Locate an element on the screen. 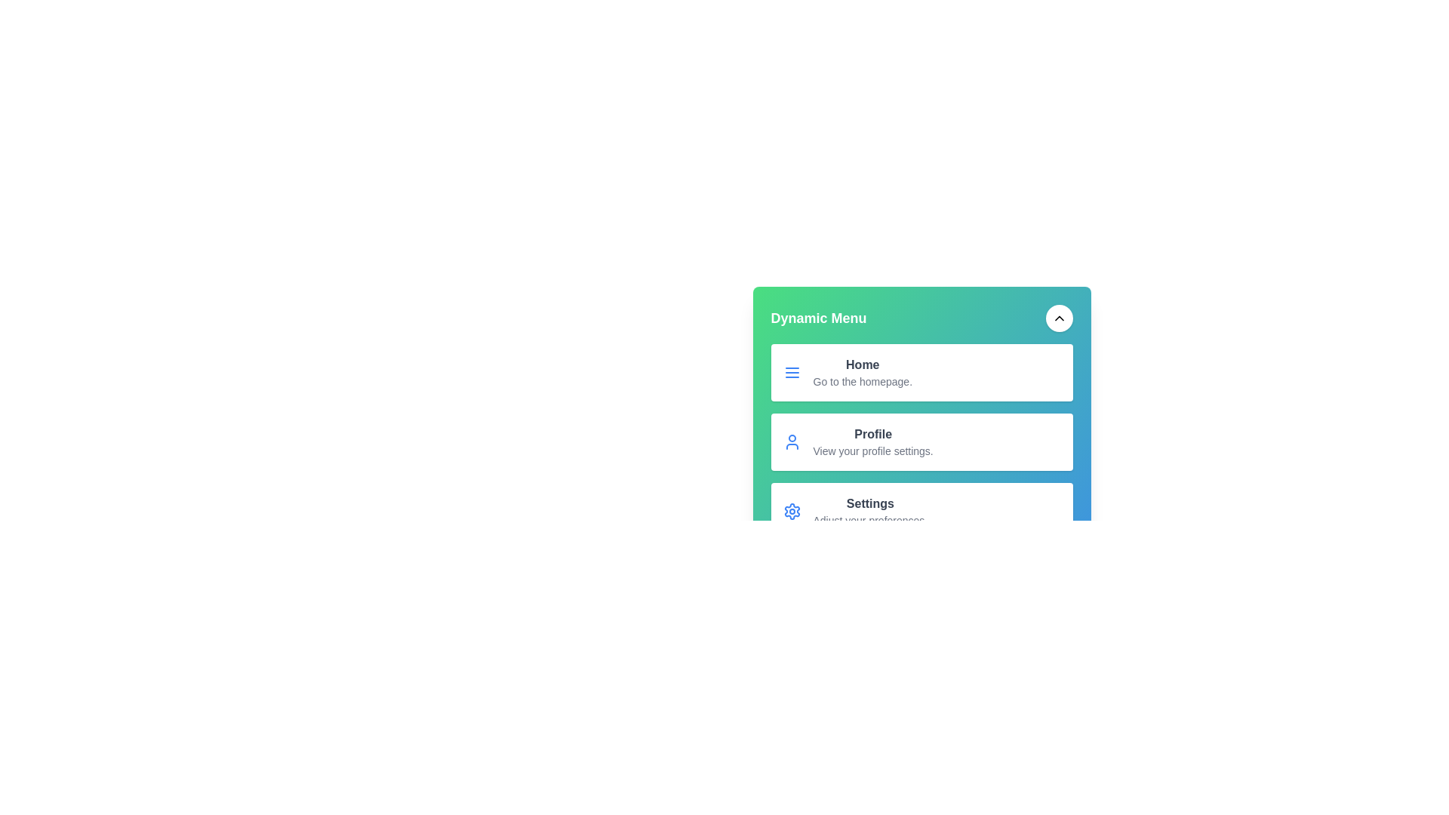 Image resolution: width=1449 pixels, height=815 pixels. the chevron-up icon, which is a minimalistic triangular shape located in the top-right corner of a card-like menu interface is located at coordinates (1058, 317).